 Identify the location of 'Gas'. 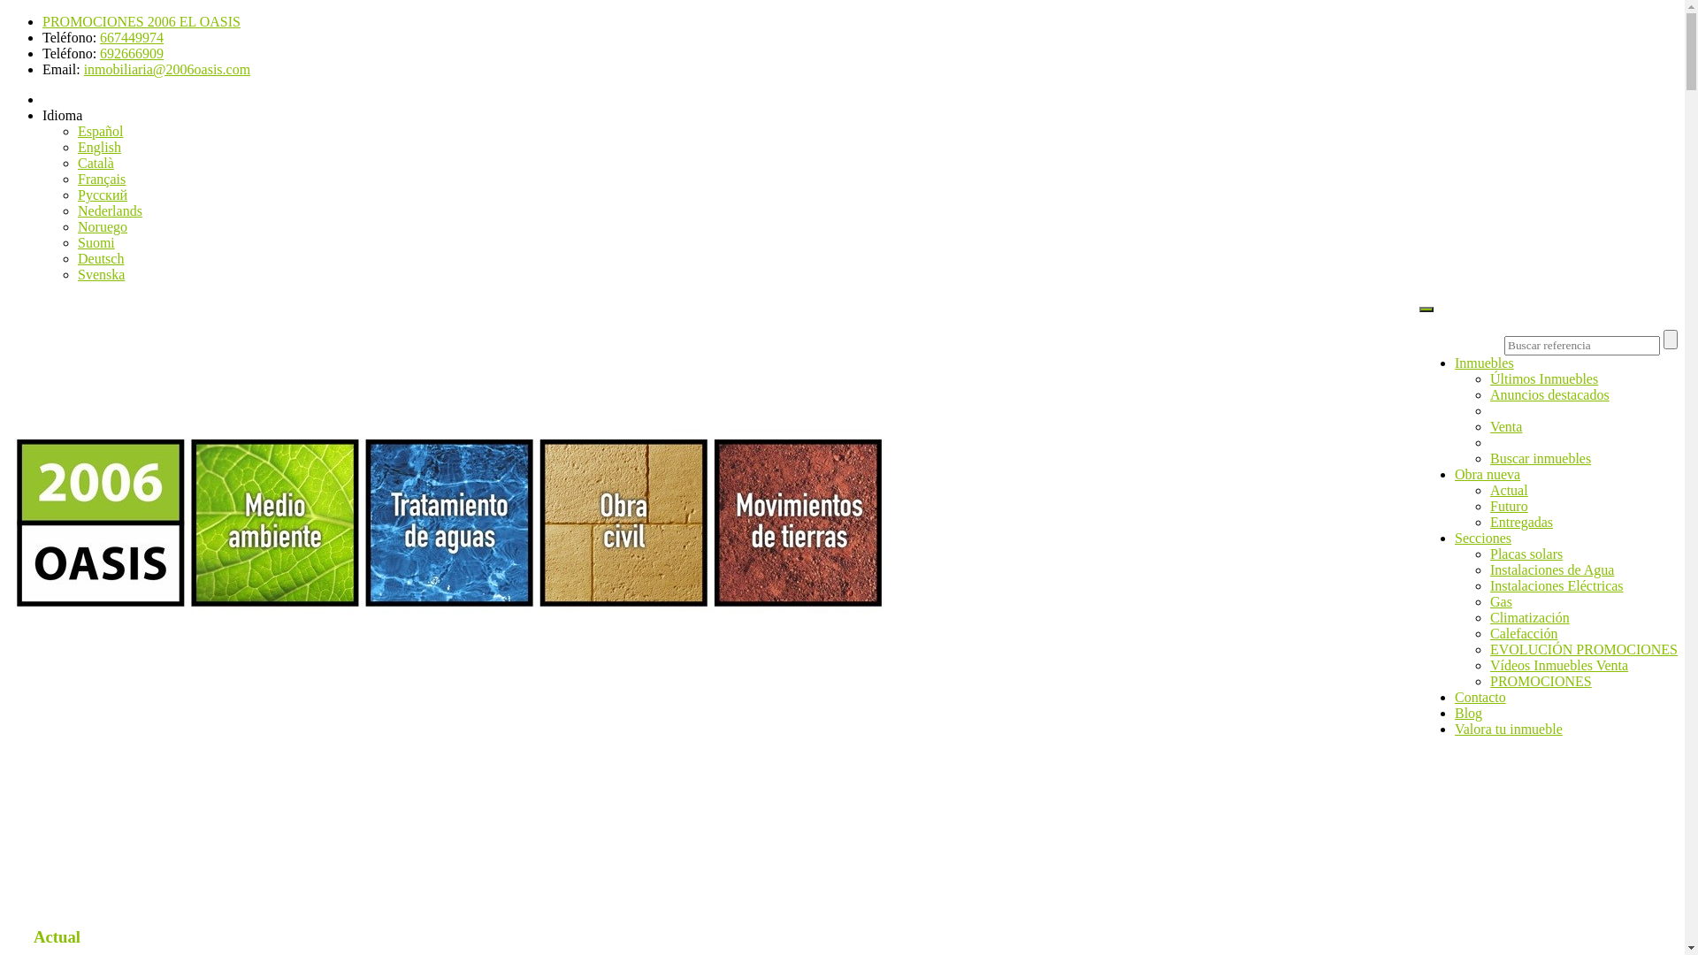
(1500, 600).